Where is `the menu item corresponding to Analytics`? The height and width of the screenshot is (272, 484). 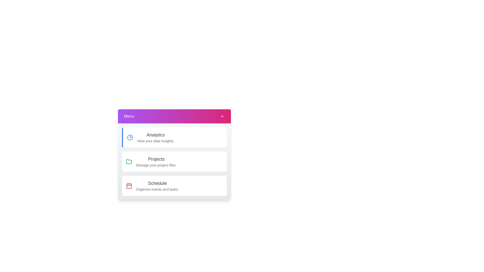 the menu item corresponding to Analytics is located at coordinates (174, 138).